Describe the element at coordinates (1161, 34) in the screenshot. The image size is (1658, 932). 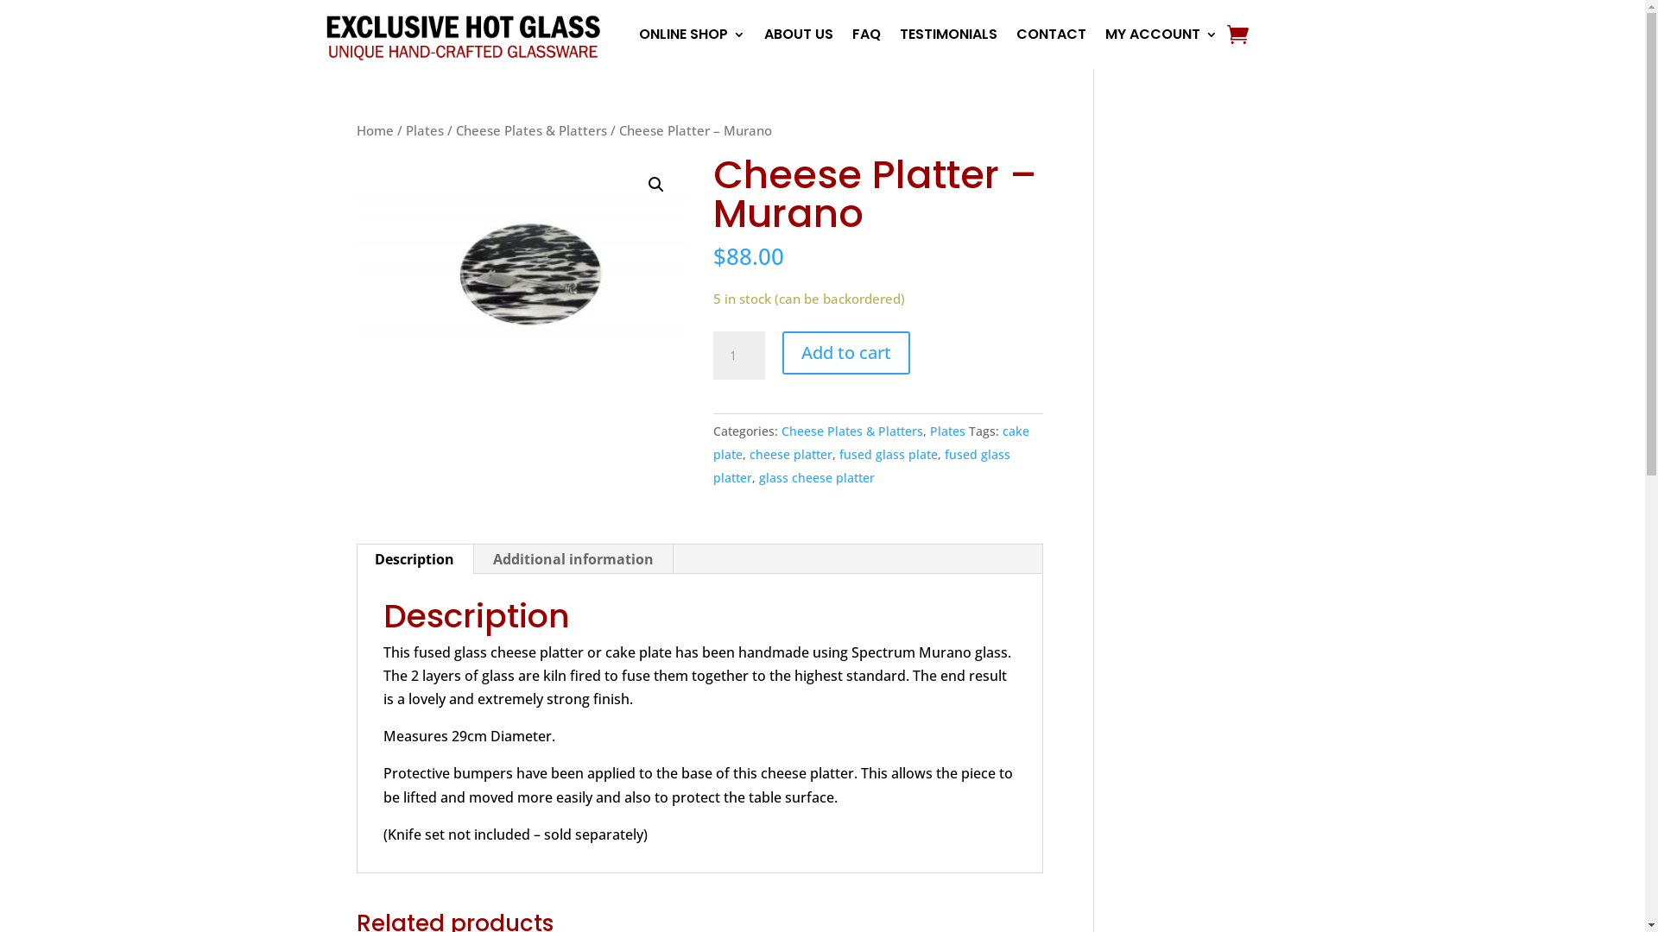
I see `'MY ACCOUNT'` at that location.